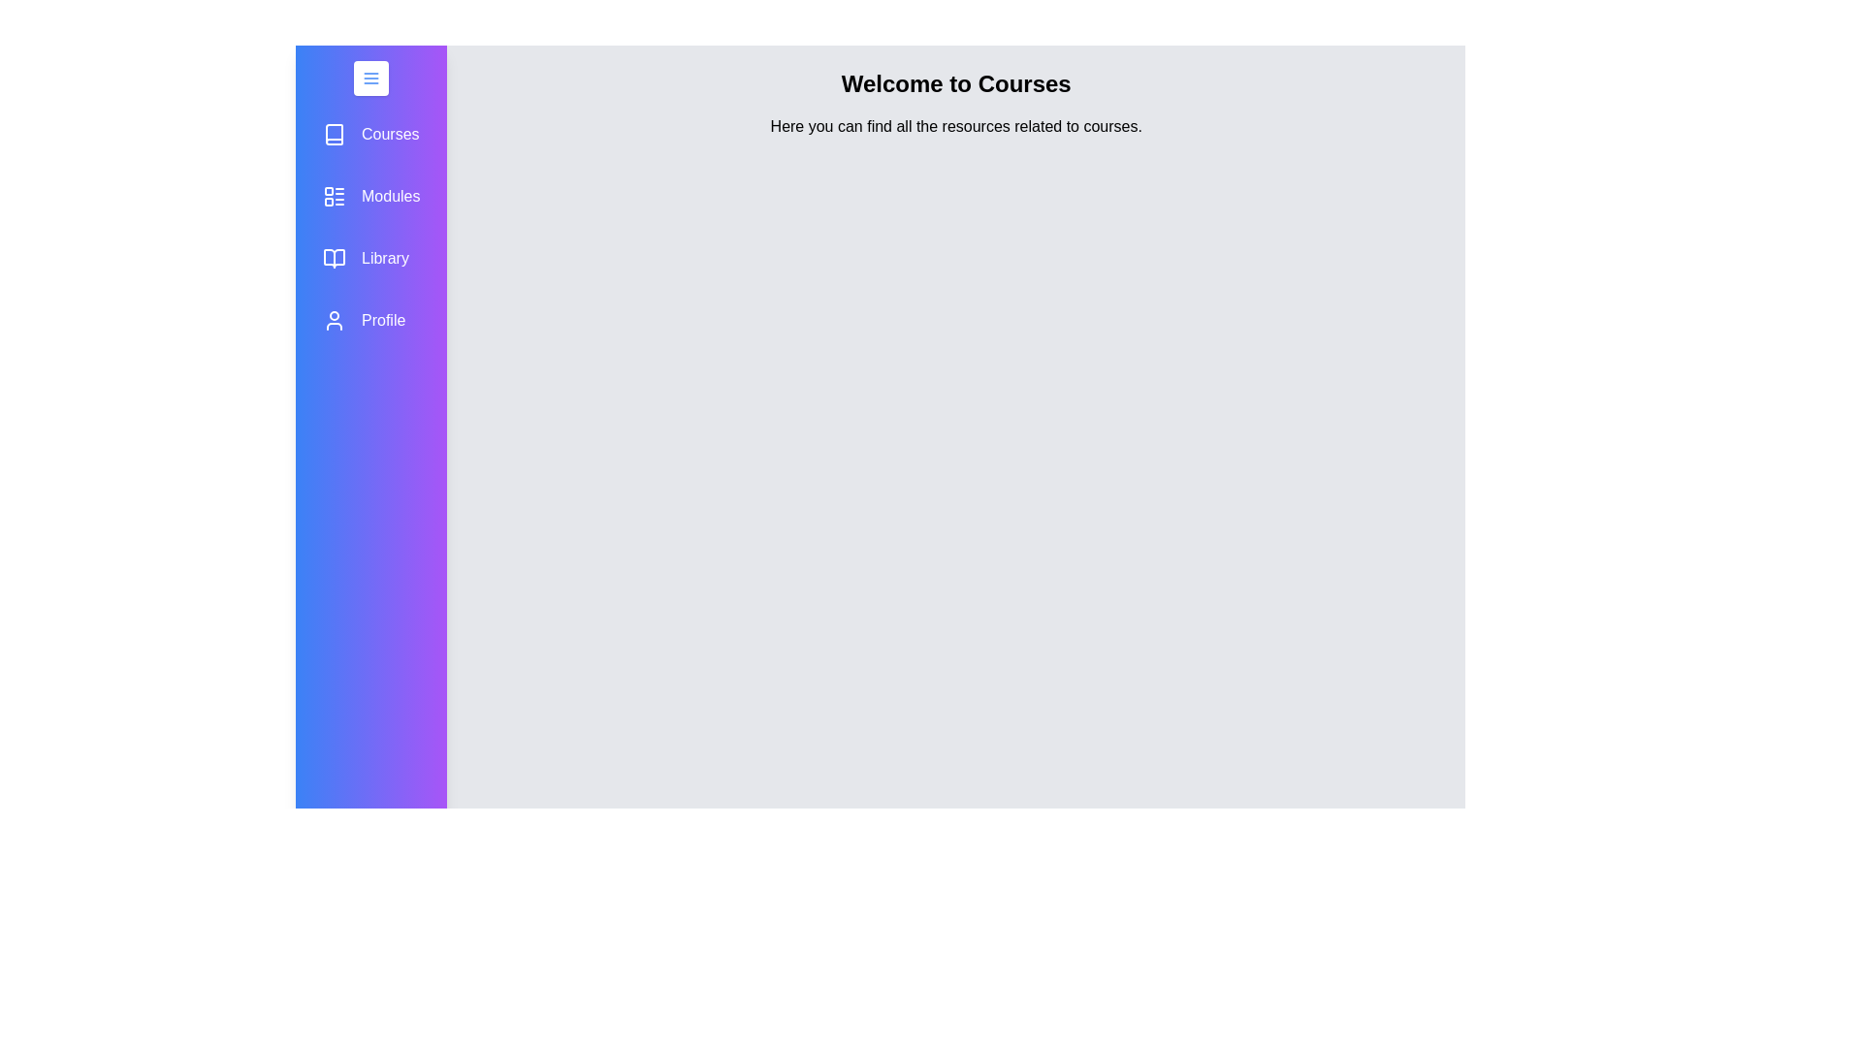 The height and width of the screenshot is (1047, 1862). I want to click on the Courses tab from the available options, so click(371, 133).